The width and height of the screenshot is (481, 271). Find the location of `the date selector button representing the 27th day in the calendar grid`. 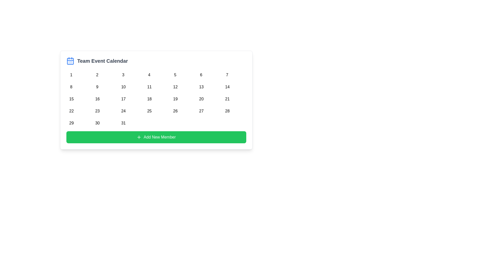

the date selector button representing the 27th day in the calendar grid is located at coordinates (201, 110).